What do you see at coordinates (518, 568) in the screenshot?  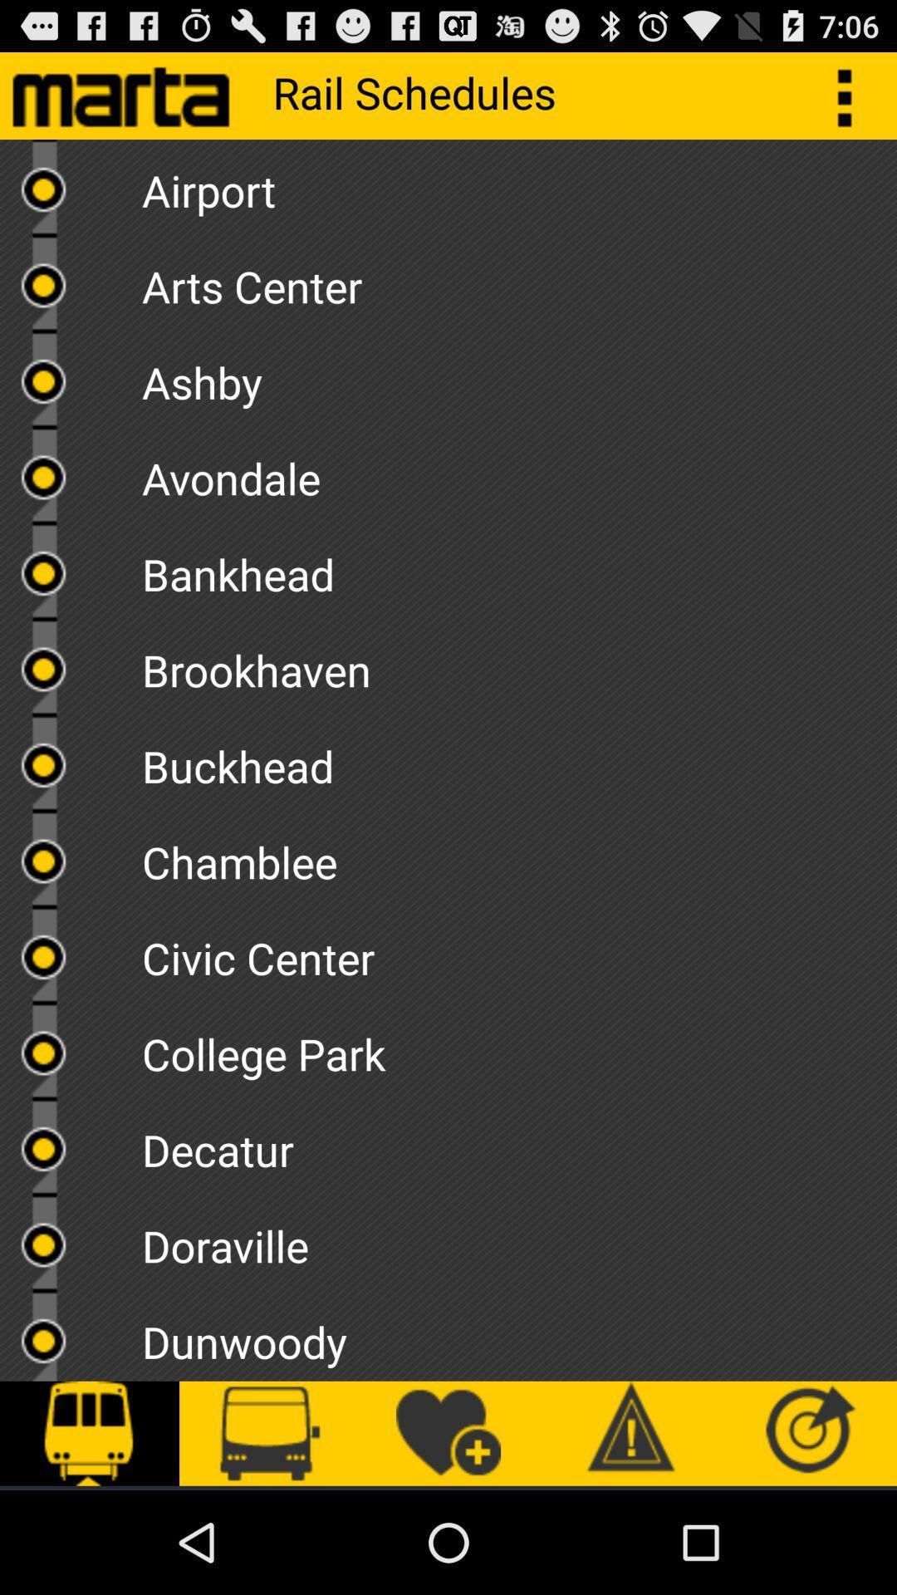 I see `the icon above brookhaven app` at bounding box center [518, 568].